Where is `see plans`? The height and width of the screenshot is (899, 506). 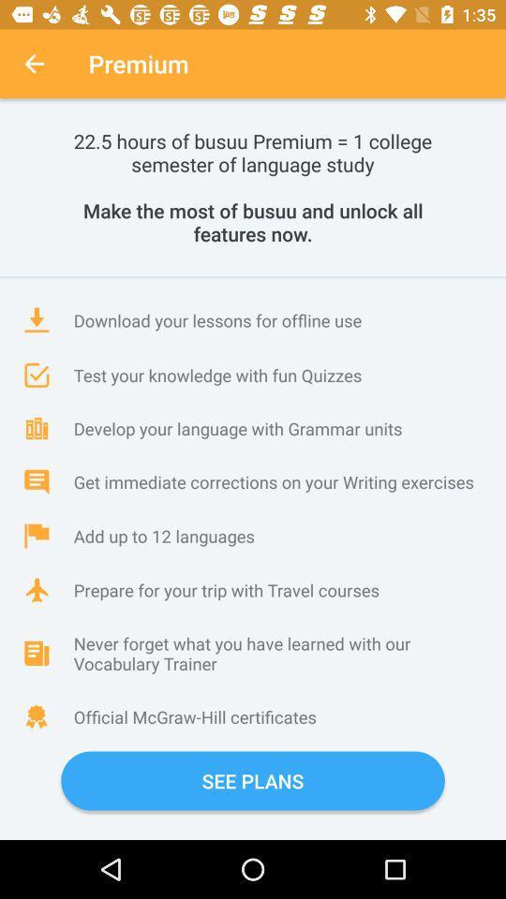
see plans is located at coordinates (253, 781).